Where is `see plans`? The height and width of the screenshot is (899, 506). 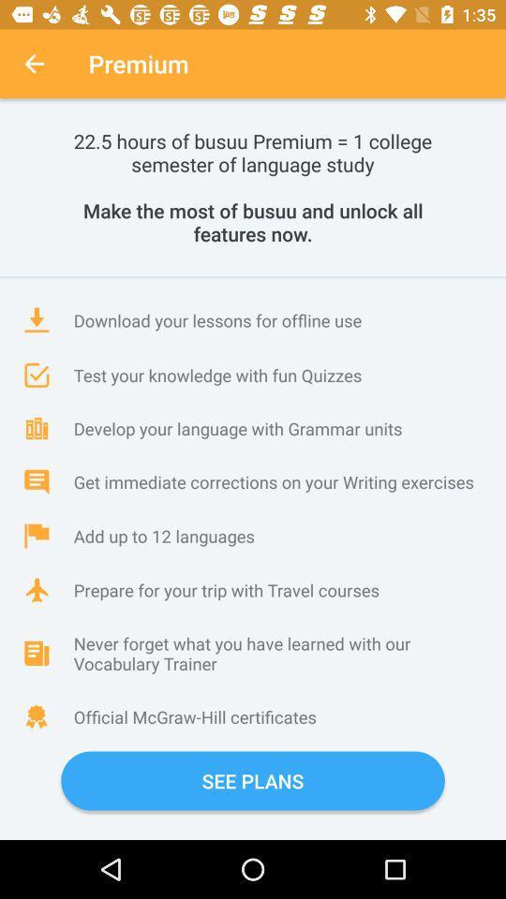
see plans is located at coordinates (253, 781).